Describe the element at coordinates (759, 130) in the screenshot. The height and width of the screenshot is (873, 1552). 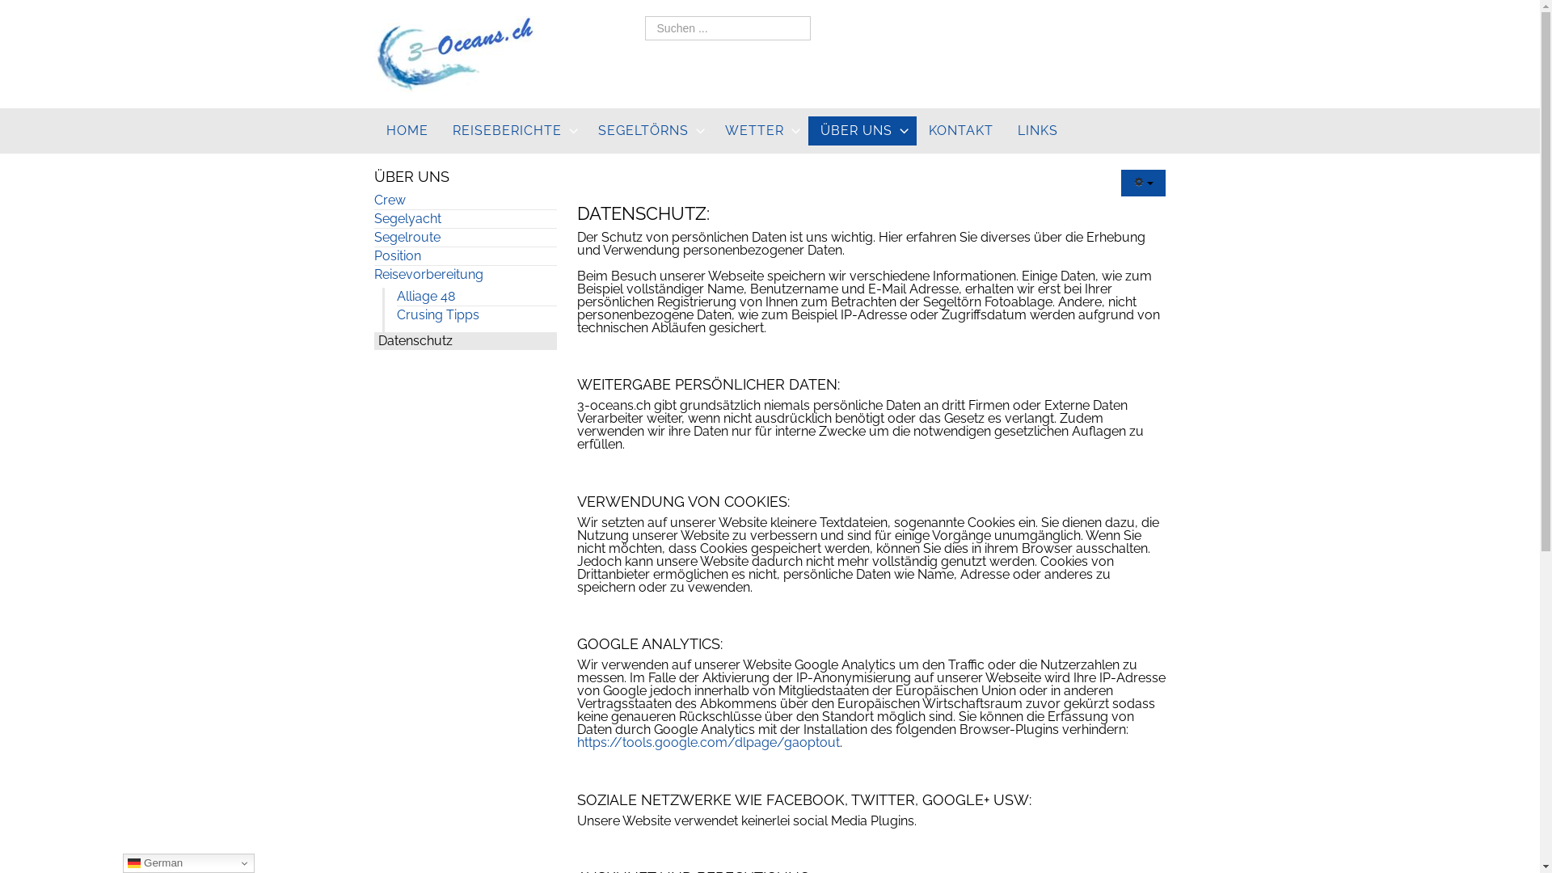
I see `'WETTER'` at that location.